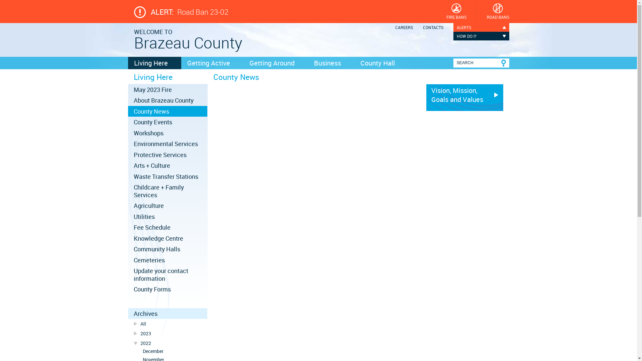 This screenshot has height=361, width=642. What do you see at coordinates (498, 63) in the screenshot?
I see `'Go'` at bounding box center [498, 63].